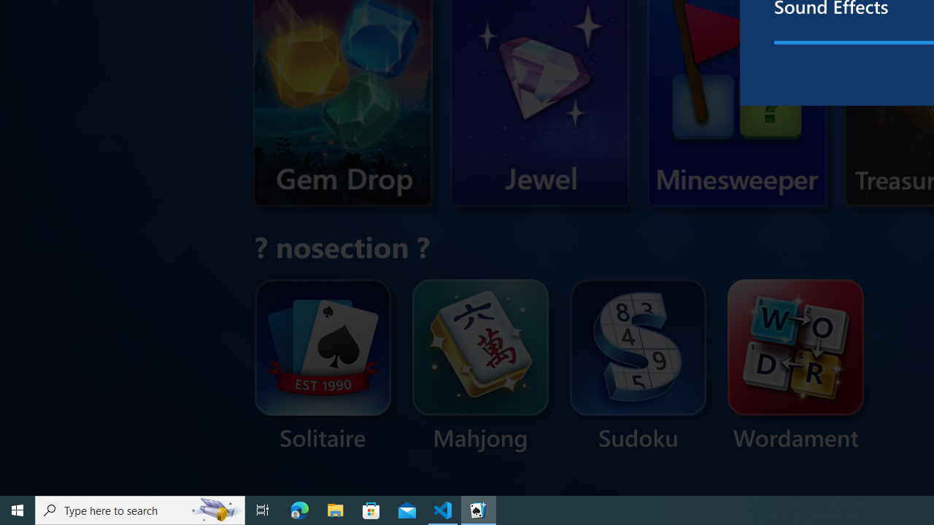 This screenshot has height=525, width=934. Describe the element at coordinates (795, 365) in the screenshot. I see `'Wordament'` at that location.